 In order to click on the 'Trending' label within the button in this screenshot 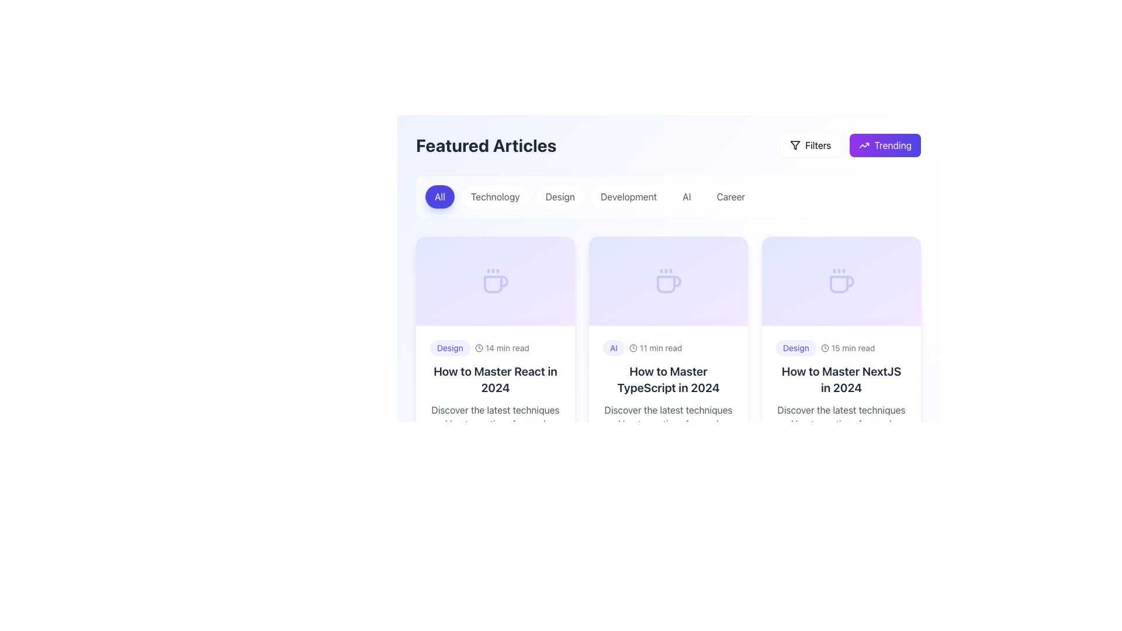, I will do `click(892, 145)`.